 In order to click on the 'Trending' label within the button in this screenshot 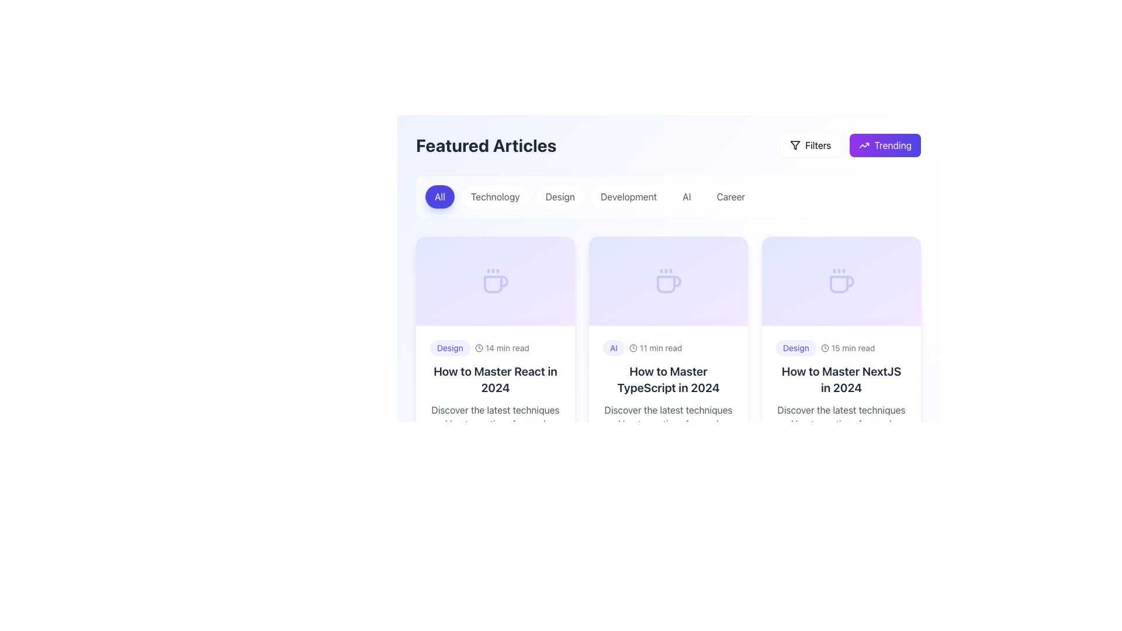, I will do `click(892, 145)`.